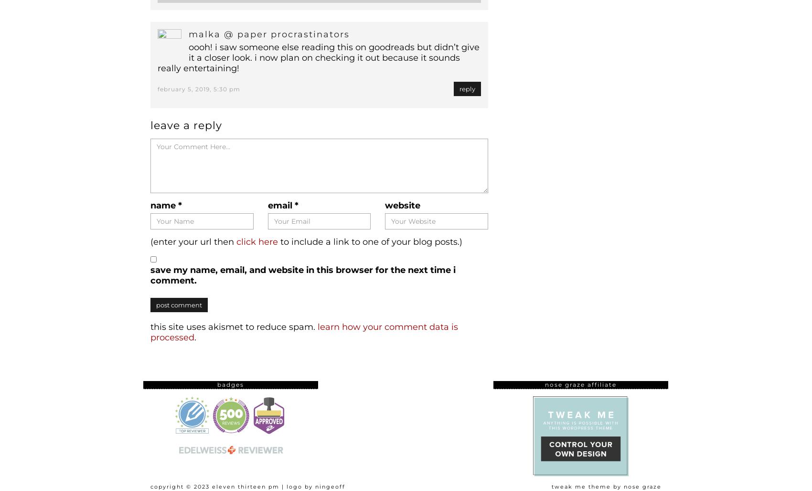 This screenshot has height=491, width=812. I want to click on 'Reply', so click(467, 87).